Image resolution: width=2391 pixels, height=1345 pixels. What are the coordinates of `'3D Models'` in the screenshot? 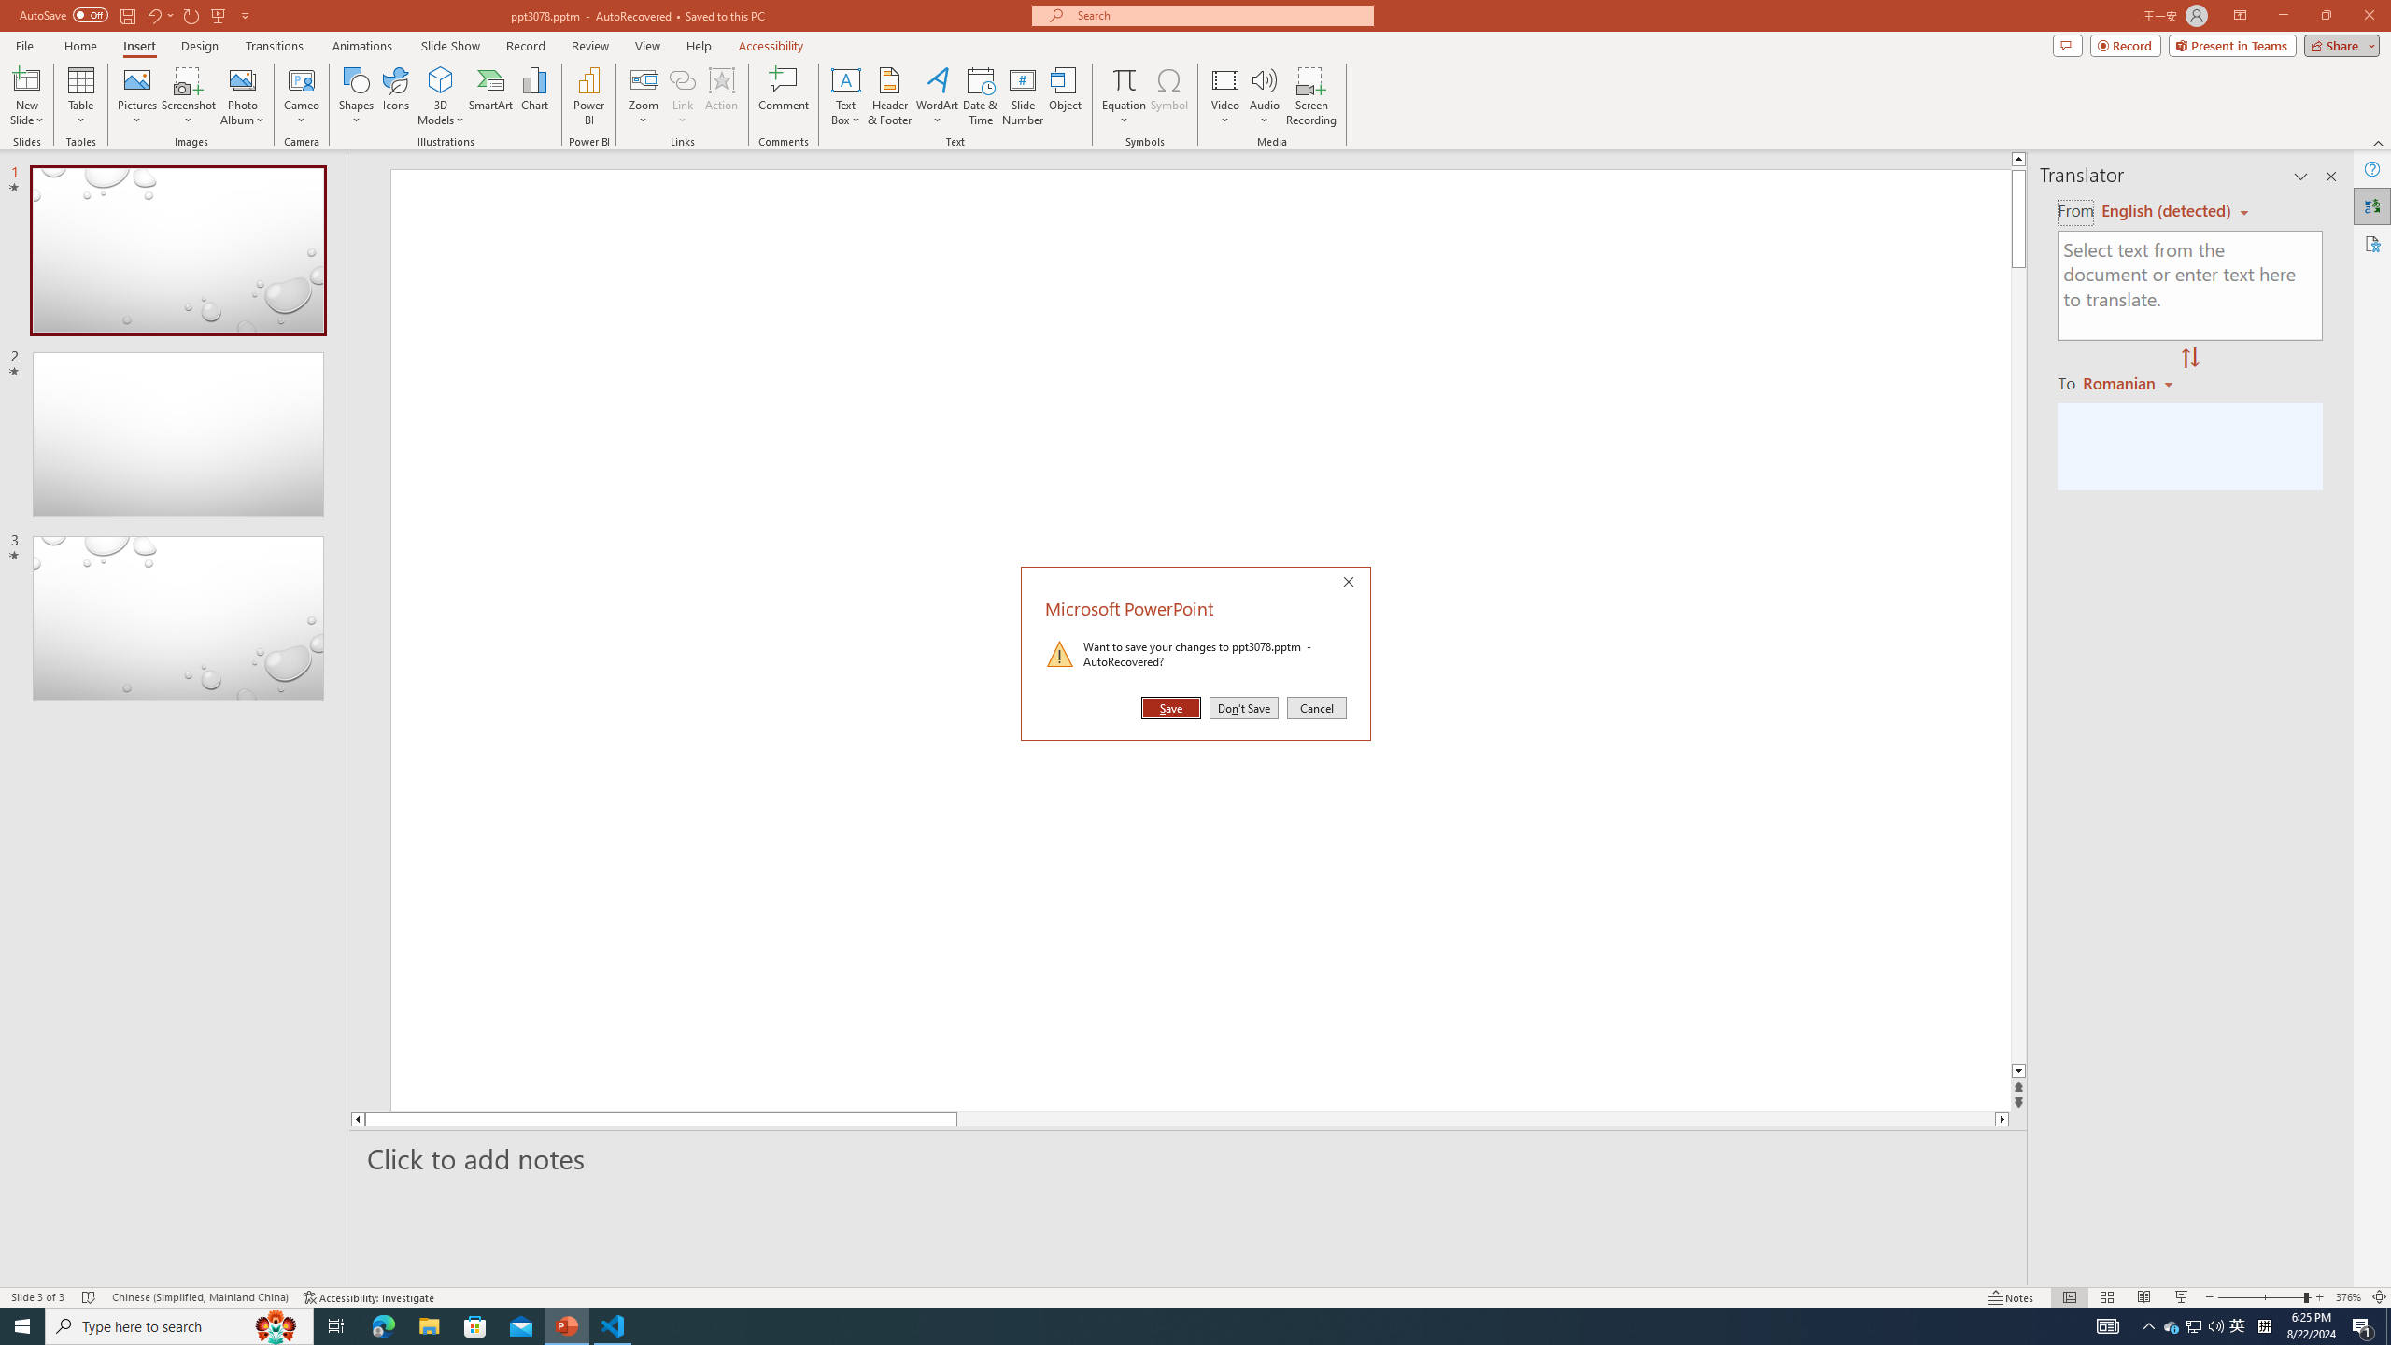 It's located at (441, 96).